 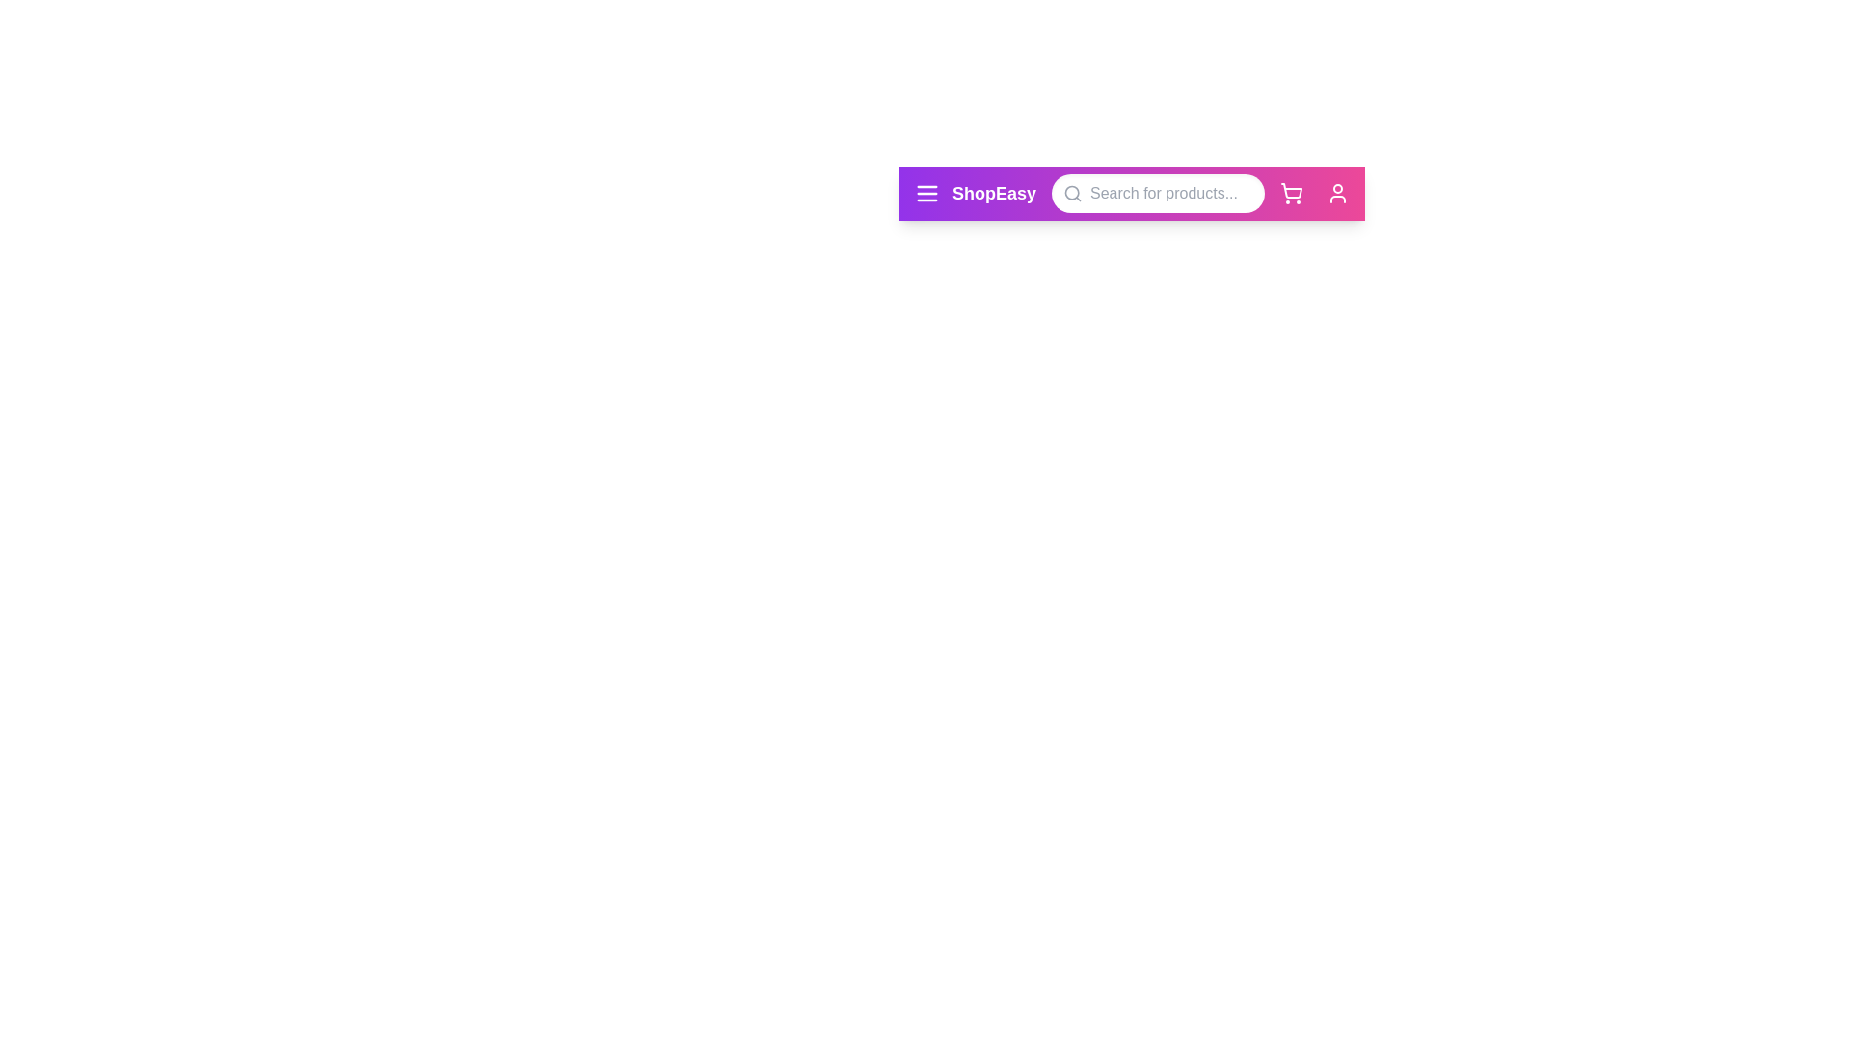 What do you see at coordinates (994, 193) in the screenshot?
I see `the logo text to select it` at bounding box center [994, 193].